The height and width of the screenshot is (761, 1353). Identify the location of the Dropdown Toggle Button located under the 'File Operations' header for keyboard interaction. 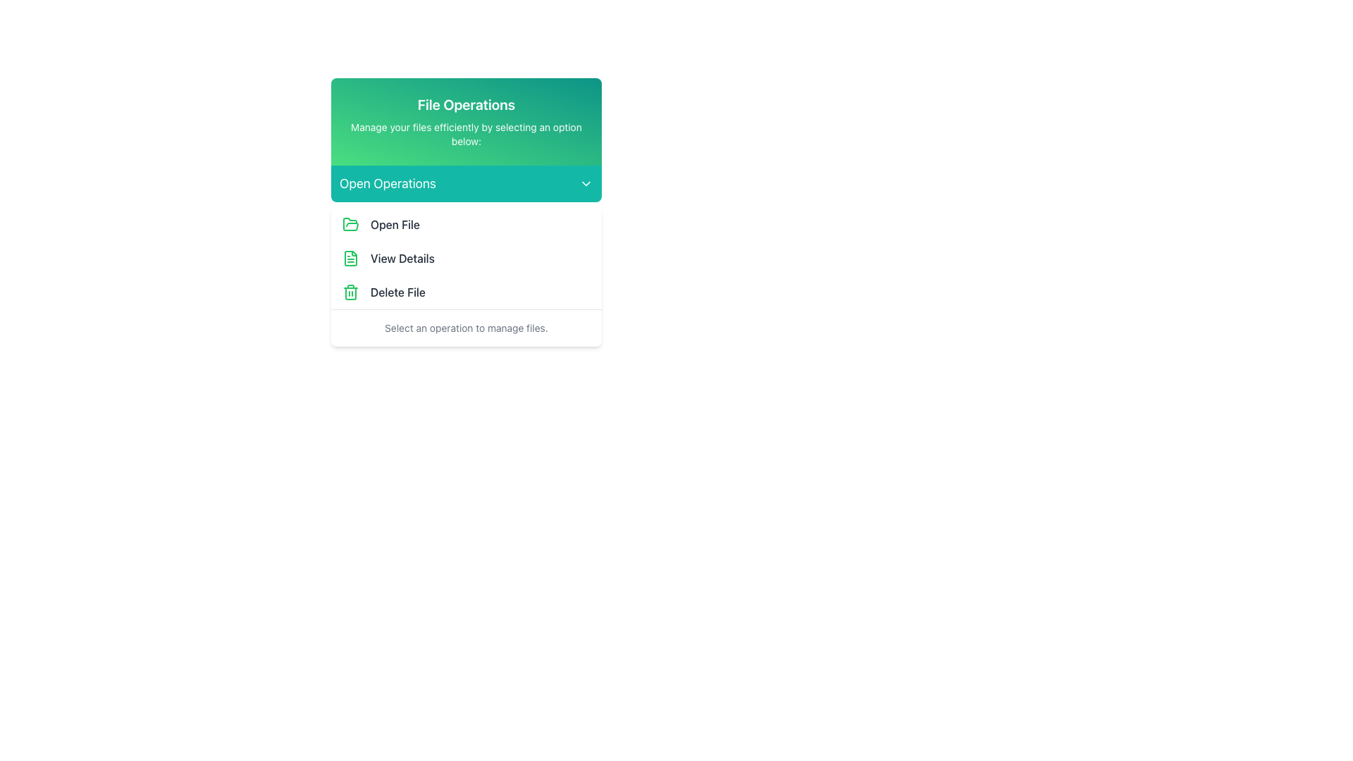
(467, 183).